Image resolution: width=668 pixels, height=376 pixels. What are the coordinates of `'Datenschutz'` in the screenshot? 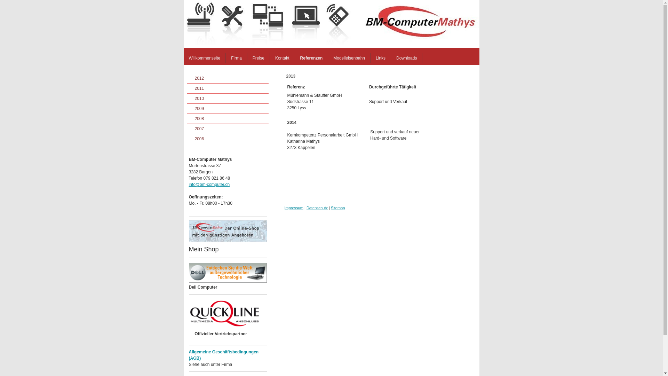 It's located at (317, 207).